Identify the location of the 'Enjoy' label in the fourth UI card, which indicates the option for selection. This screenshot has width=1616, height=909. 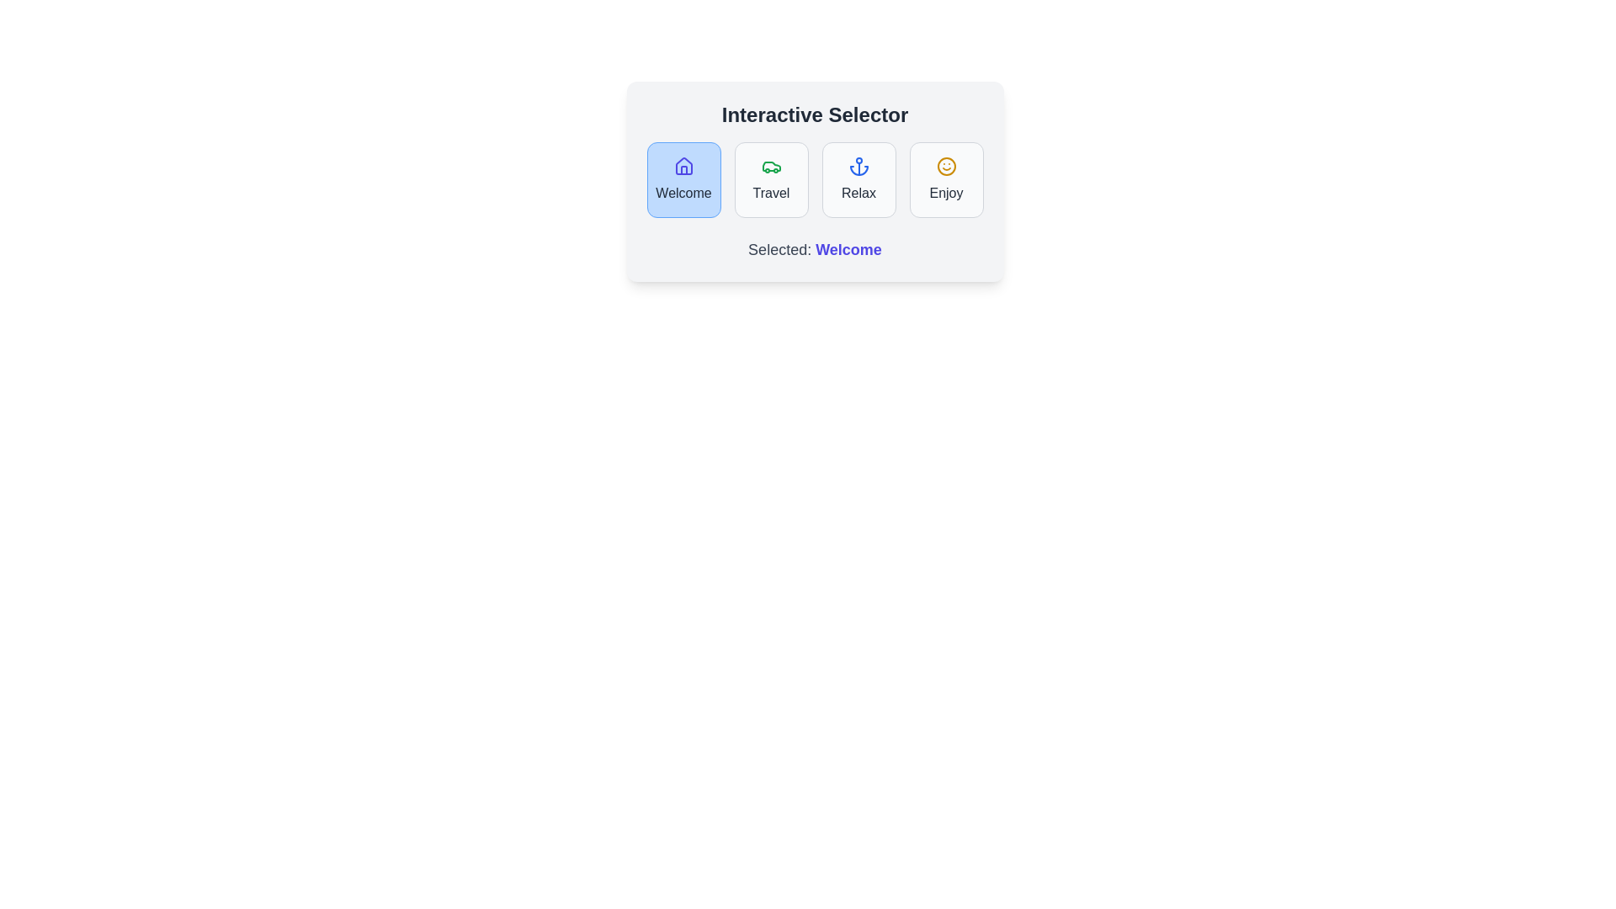
(946, 193).